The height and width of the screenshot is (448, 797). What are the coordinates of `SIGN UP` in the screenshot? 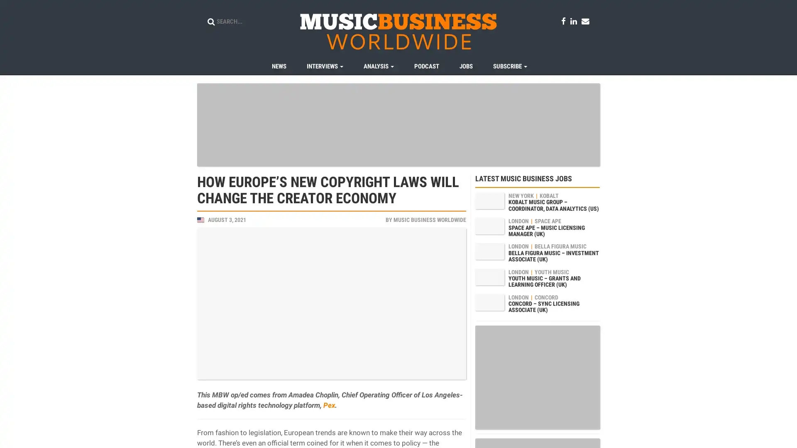 It's located at (376, 261).